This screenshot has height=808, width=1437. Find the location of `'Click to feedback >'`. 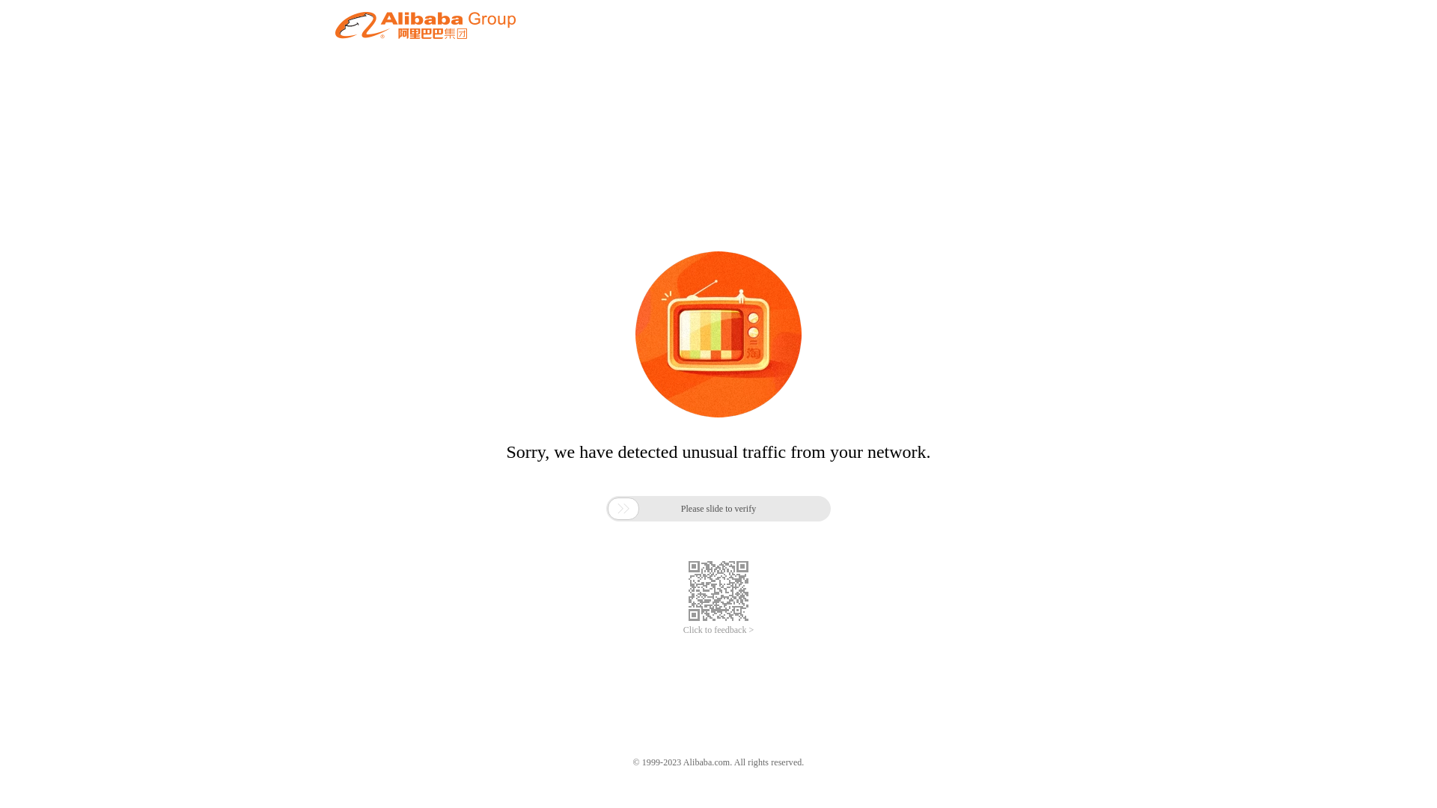

'Click to feedback >' is located at coordinates (718, 630).